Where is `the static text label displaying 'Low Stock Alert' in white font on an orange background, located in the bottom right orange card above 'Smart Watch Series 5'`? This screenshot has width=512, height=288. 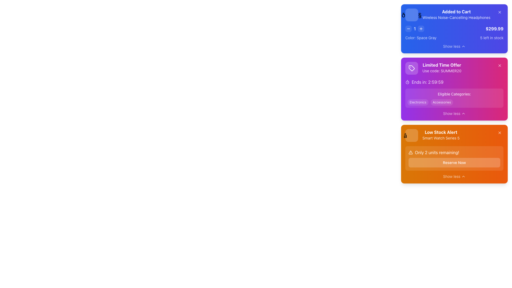
the static text label displaying 'Low Stock Alert' in white font on an orange background, located in the bottom right orange card above 'Smart Watch Series 5' is located at coordinates (441, 132).